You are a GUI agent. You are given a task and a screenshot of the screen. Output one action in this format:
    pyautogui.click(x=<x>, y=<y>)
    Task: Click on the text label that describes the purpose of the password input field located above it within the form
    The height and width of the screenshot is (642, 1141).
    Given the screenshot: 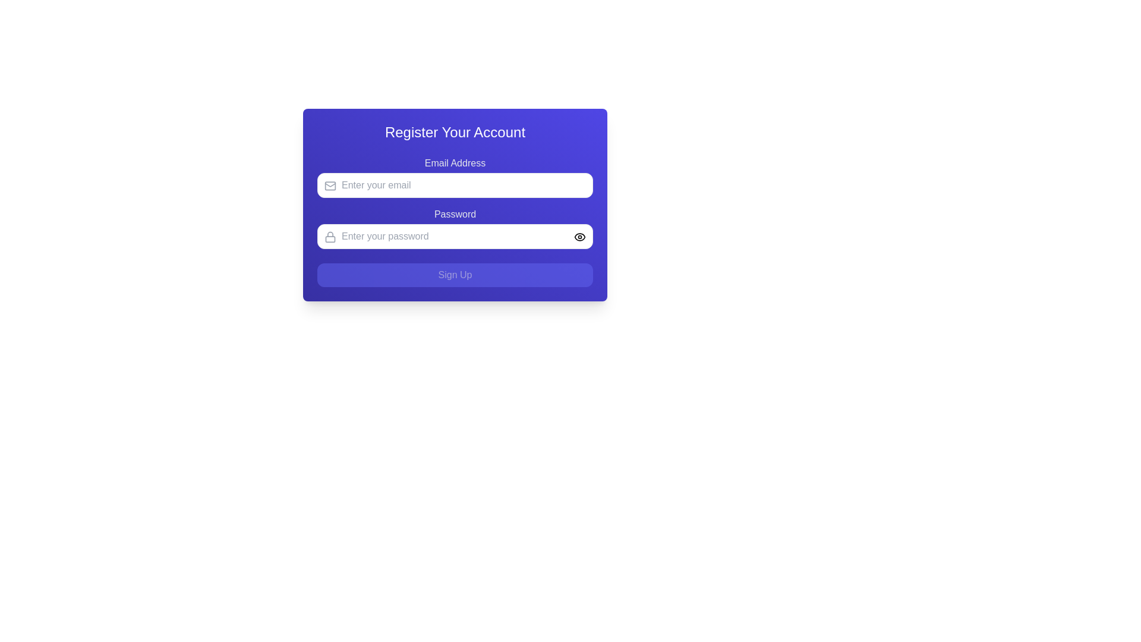 What is the action you would take?
    pyautogui.click(x=455, y=215)
    